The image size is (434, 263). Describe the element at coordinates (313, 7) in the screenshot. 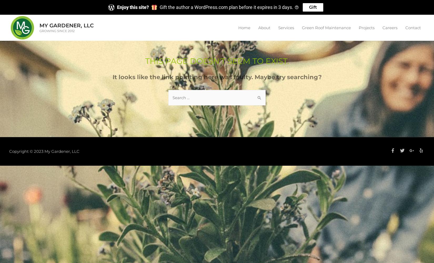

I see `'Gift'` at that location.